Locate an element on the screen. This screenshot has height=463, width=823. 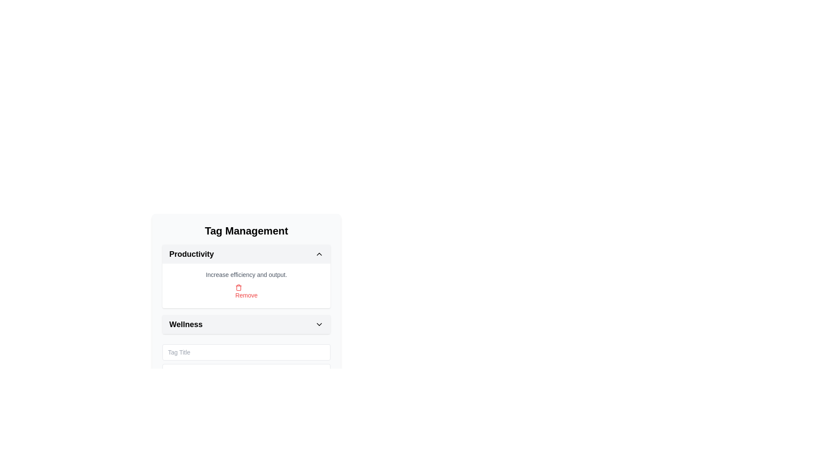
the Chevron Down icon located on the right side of the 'Wellness' row to trigger tooltips or responsive actions is located at coordinates (318, 324).